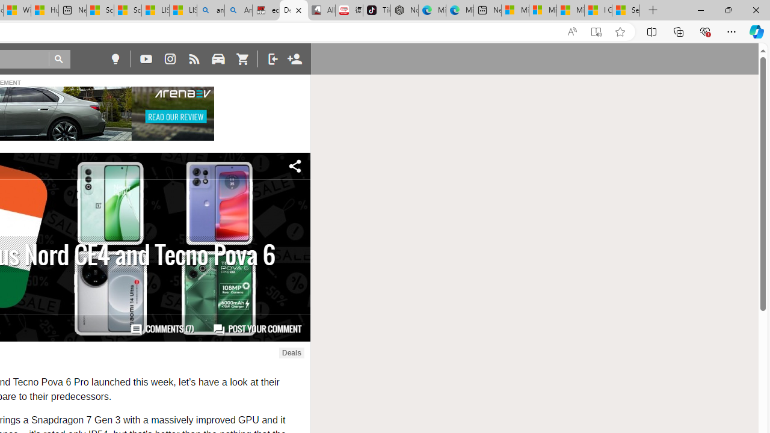 This screenshot has width=770, height=433. Describe the element at coordinates (45, 10) in the screenshot. I see `'Huge shark washes ashore at New York City beach | Watch'` at that location.